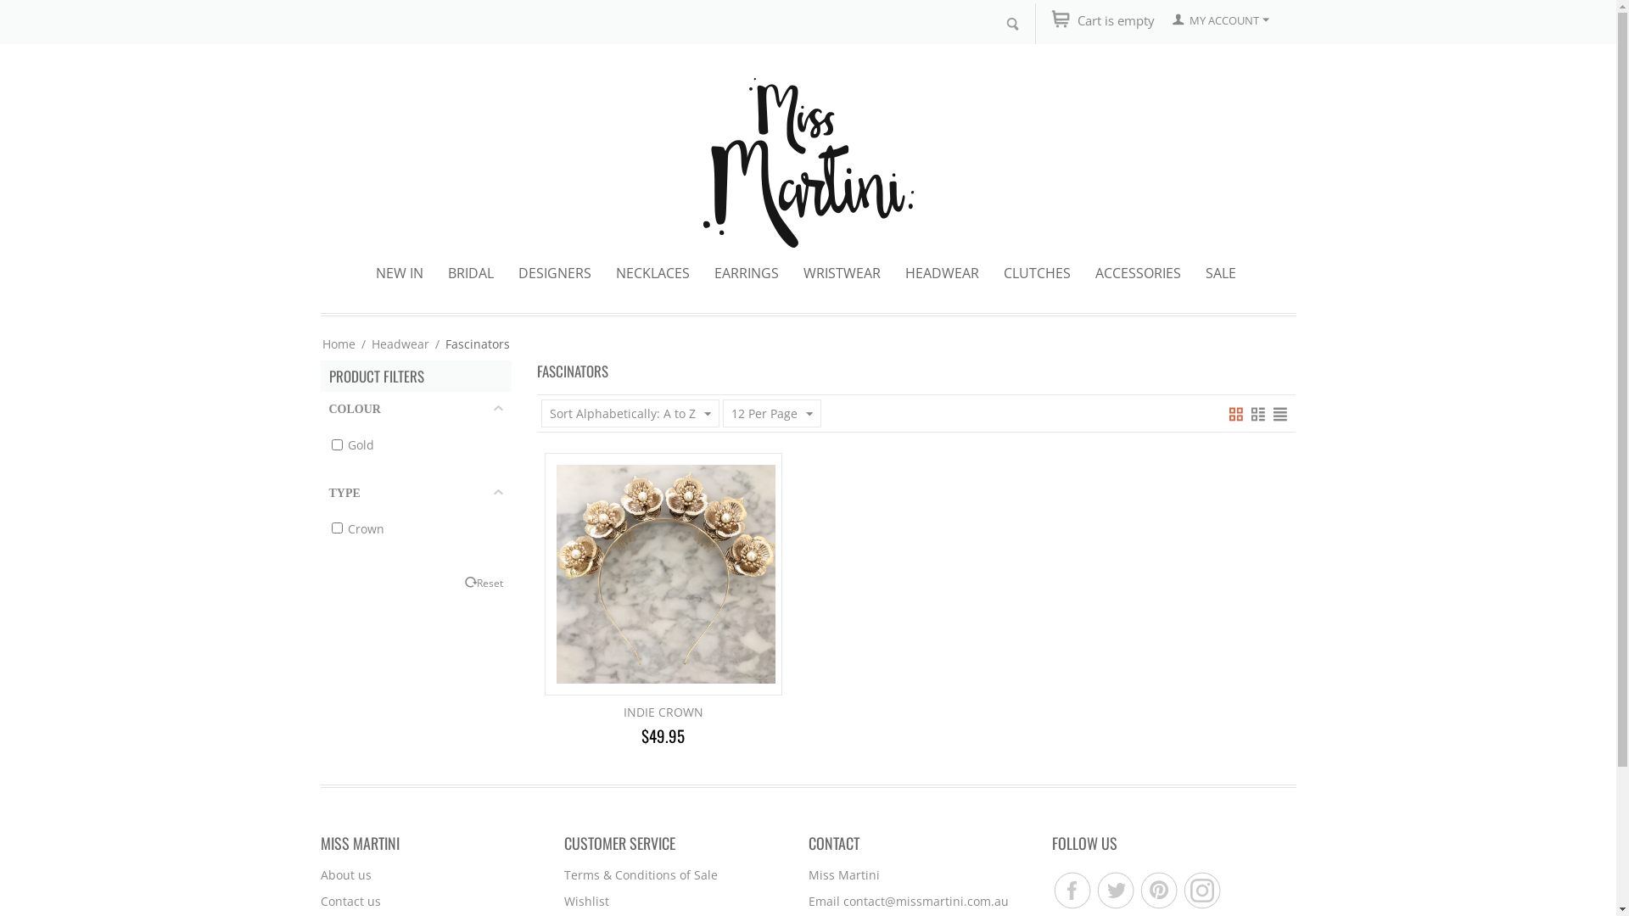 Image resolution: width=1629 pixels, height=916 pixels. I want to click on '  MY ACCOUNT', so click(1220, 20).